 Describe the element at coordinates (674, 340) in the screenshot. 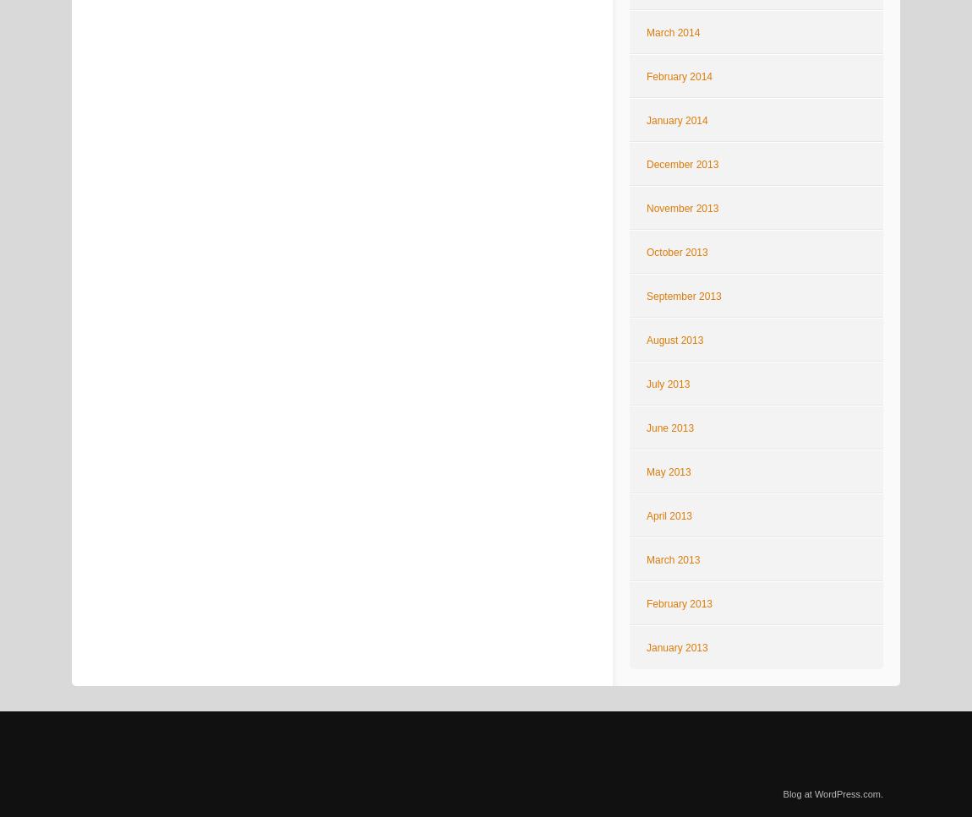

I see `'August 2013'` at that location.